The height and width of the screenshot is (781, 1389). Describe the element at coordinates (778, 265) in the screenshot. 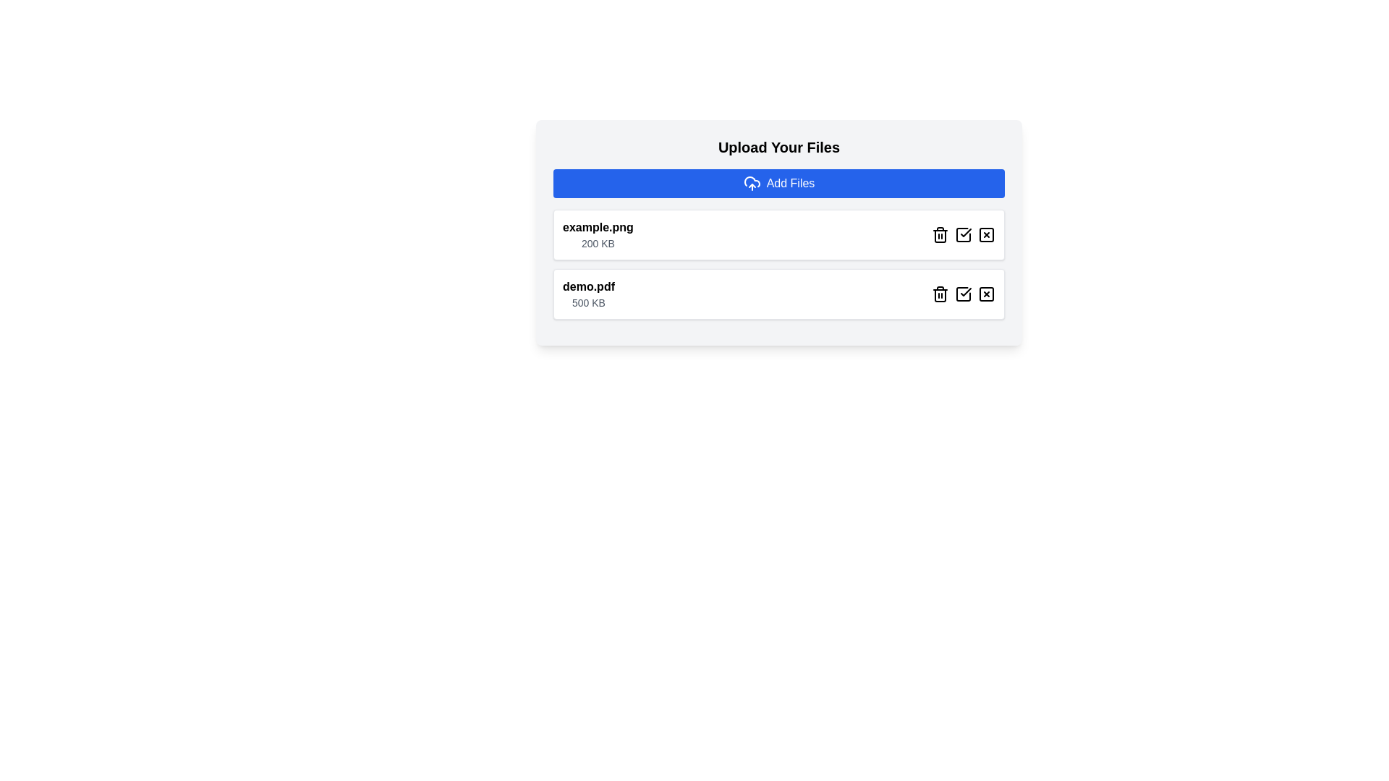

I see `the action buttons located to the right of the file entry labeled 'example.png' under the 'Upload Your Files' section` at that location.